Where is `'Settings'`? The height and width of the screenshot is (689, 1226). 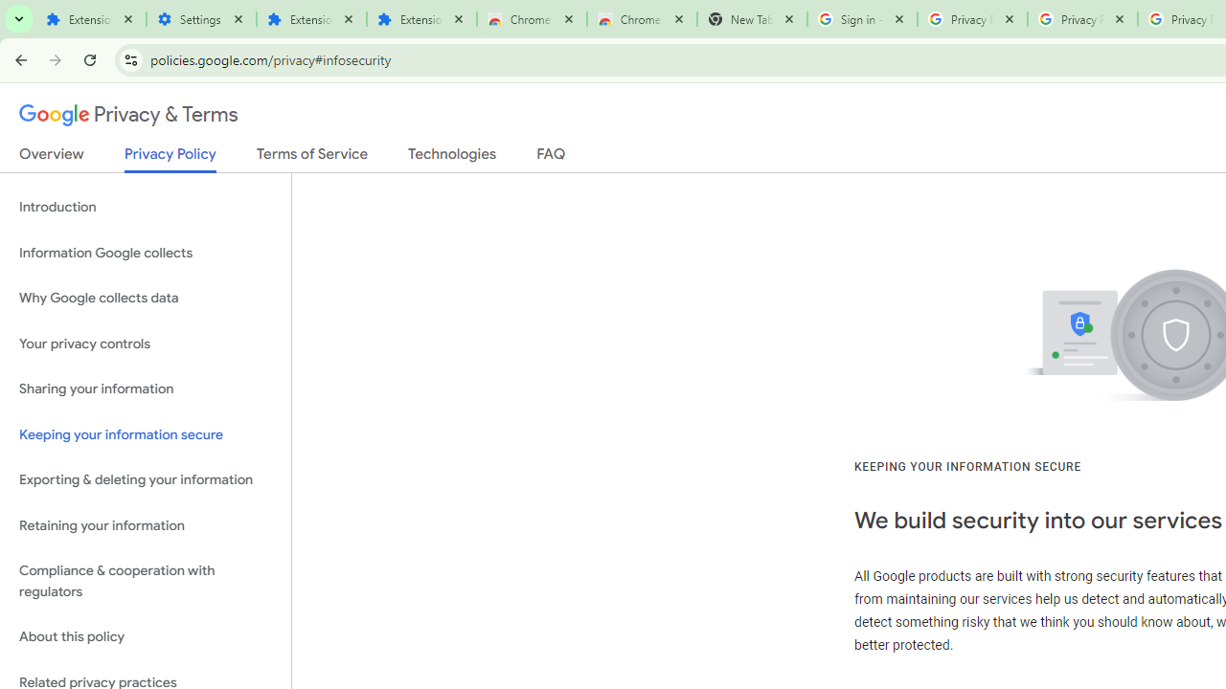 'Settings' is located at coordinates (200, 19).